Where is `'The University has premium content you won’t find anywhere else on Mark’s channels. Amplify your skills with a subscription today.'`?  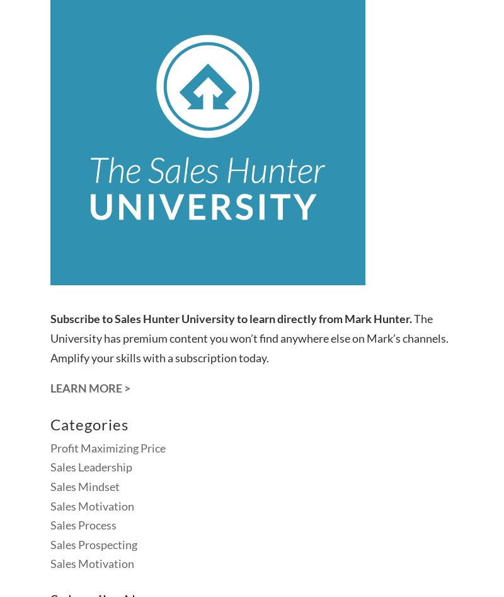
'The University has premium content you won’t find anywhere else on Mark’s channels. Amplify your skills with a subscription today.' is located at coordinates (249, 338).